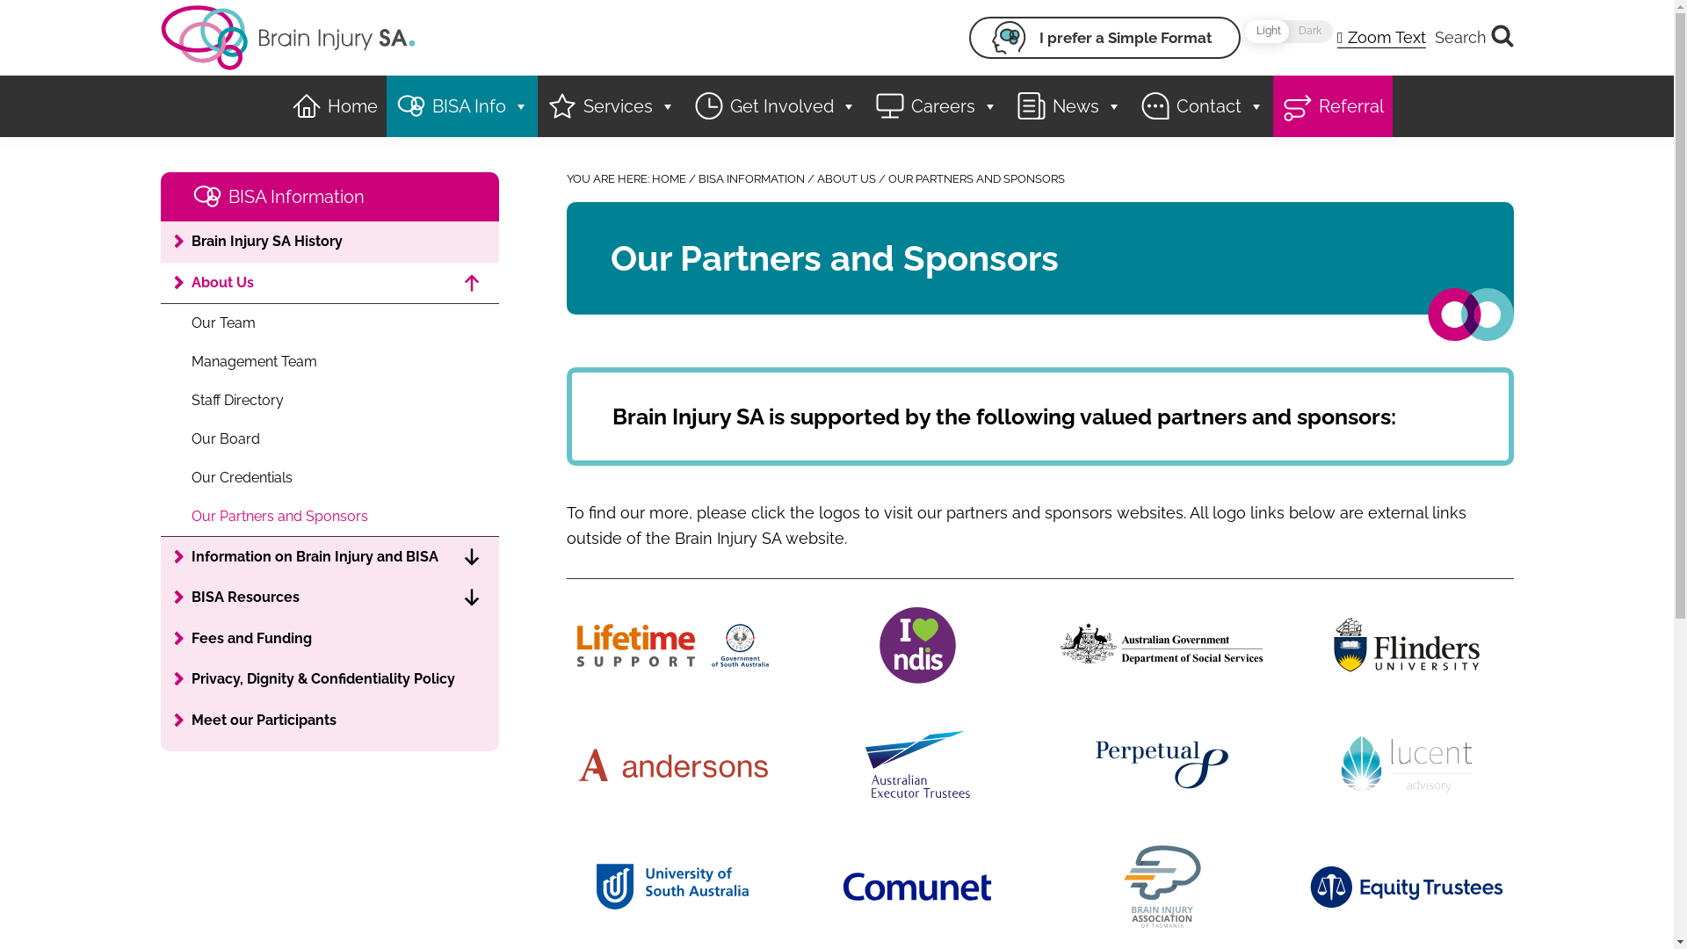 This screenshot has height=949, width=1687. What do you see at coordinates (611, 105) in the screenshot?
I see `'Services'` at bounding box center [611, 105].